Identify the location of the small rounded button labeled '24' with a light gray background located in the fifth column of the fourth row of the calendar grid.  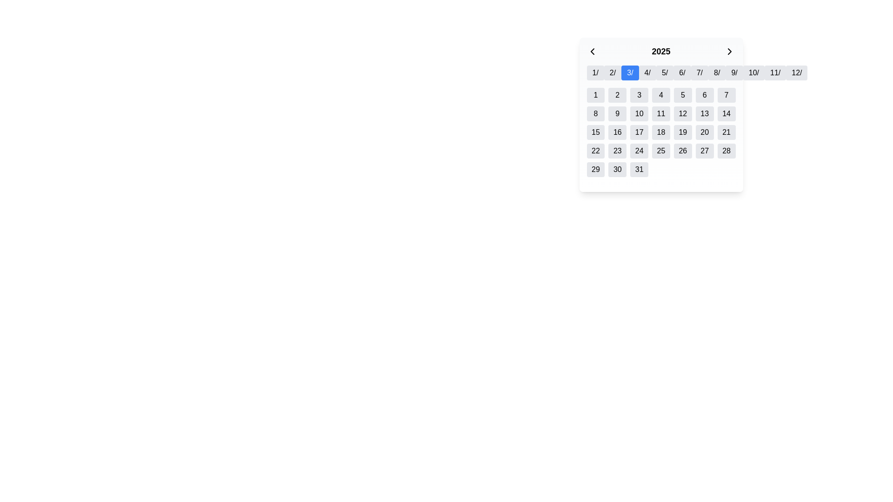
(639, 150).